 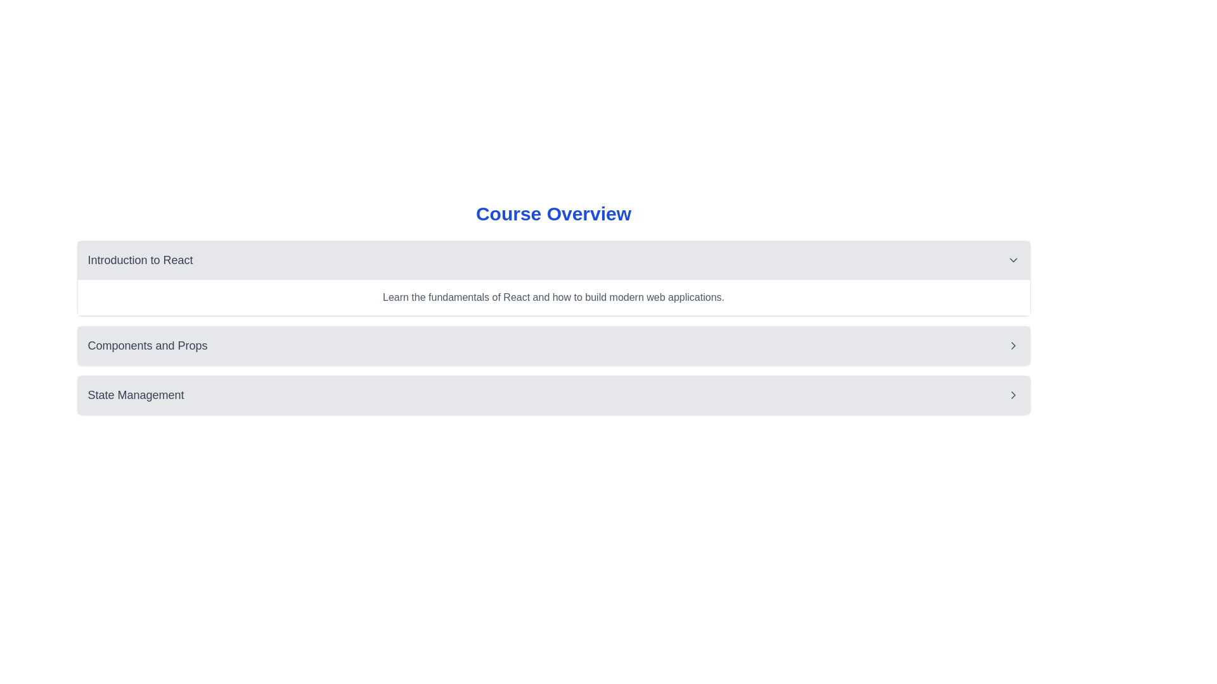 I want to click on the third item in the vertical list labeled 'State Management', so click(x=553, y=395).